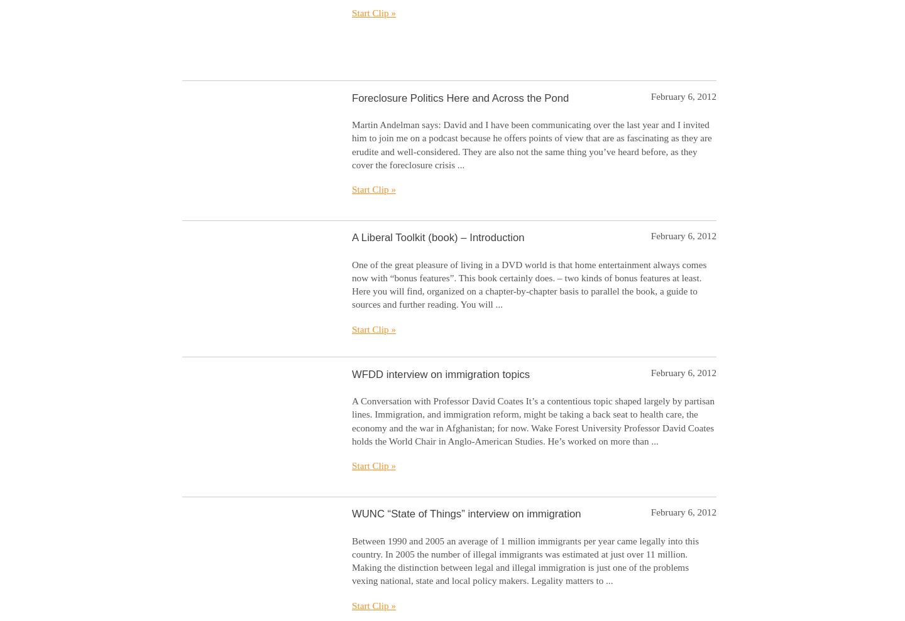 The width and height of the screenshot is (905, 621). Describe the element at coordinates (531, 144) in the screenshot. I see `'Martin Andelman says: David and I have been communicating over the last year and I invited him to join me on a podcast because he offers points of view that are as fascinating as they are erudite and well-considered. They are also not the same thing you’ve heard before, as they cover the foreclosure crisis ...'` at that location.